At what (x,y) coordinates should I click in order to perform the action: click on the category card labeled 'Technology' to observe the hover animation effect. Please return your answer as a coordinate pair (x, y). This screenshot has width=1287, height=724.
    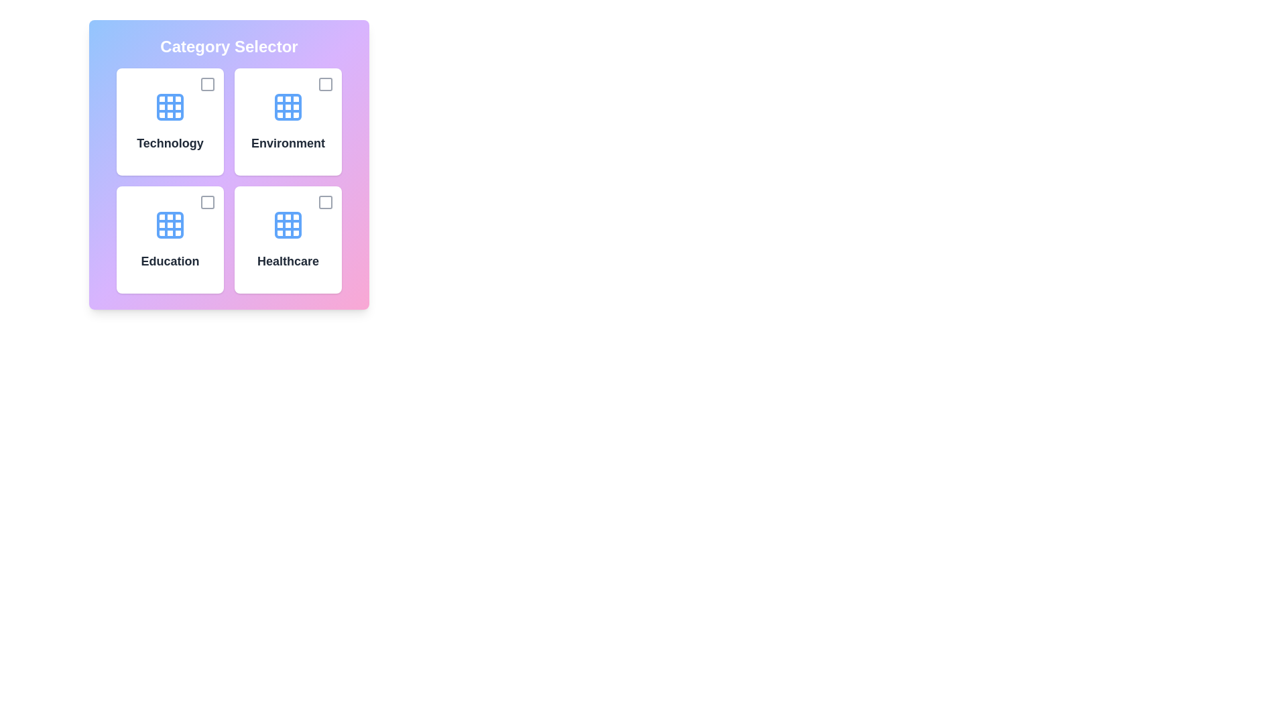
    Looking at the image, I should click on (170, 121).